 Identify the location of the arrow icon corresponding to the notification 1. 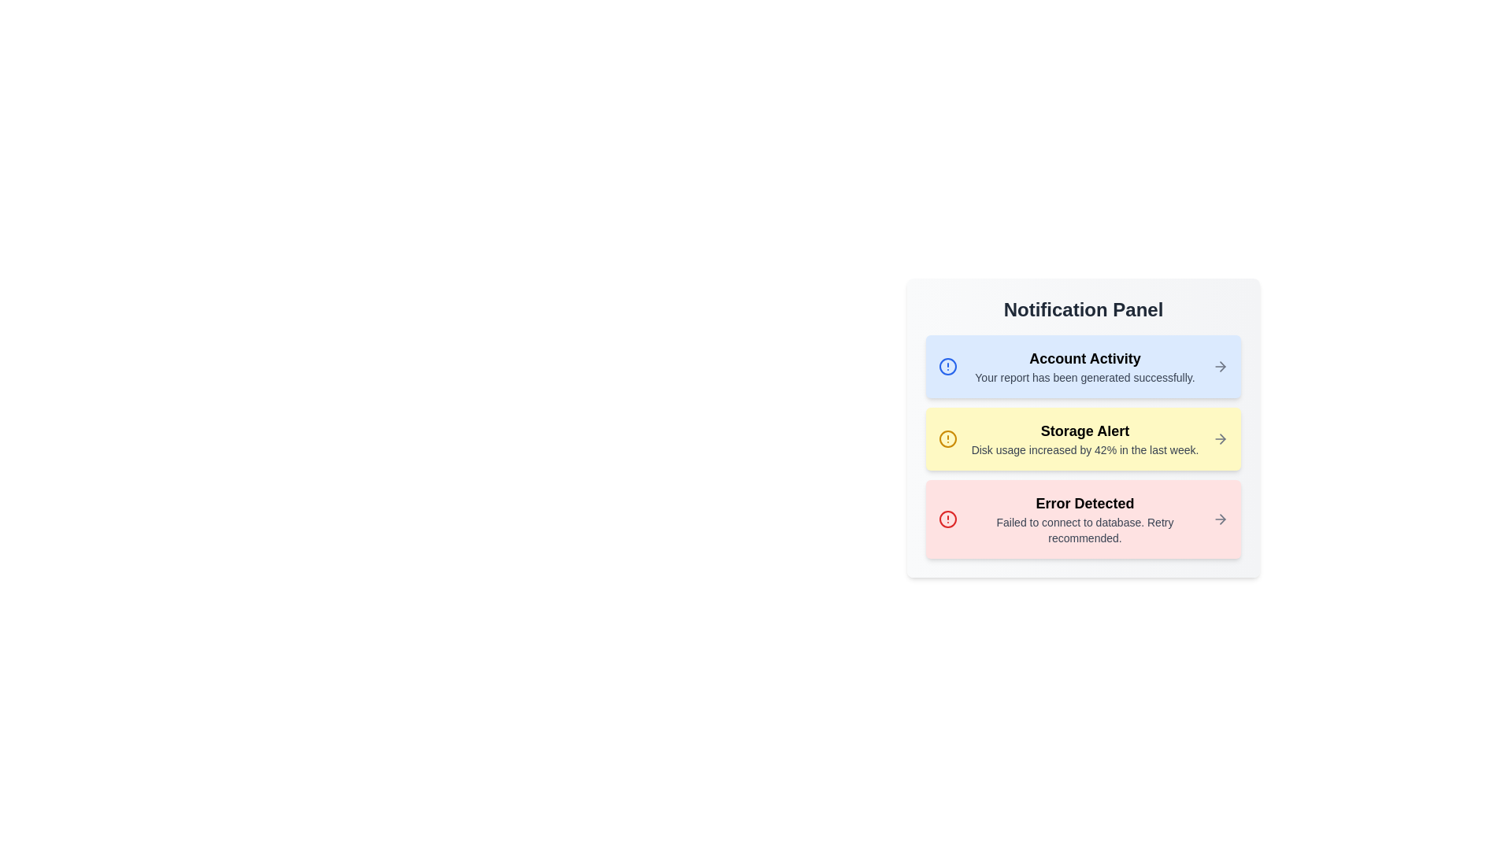
(1220, 367).